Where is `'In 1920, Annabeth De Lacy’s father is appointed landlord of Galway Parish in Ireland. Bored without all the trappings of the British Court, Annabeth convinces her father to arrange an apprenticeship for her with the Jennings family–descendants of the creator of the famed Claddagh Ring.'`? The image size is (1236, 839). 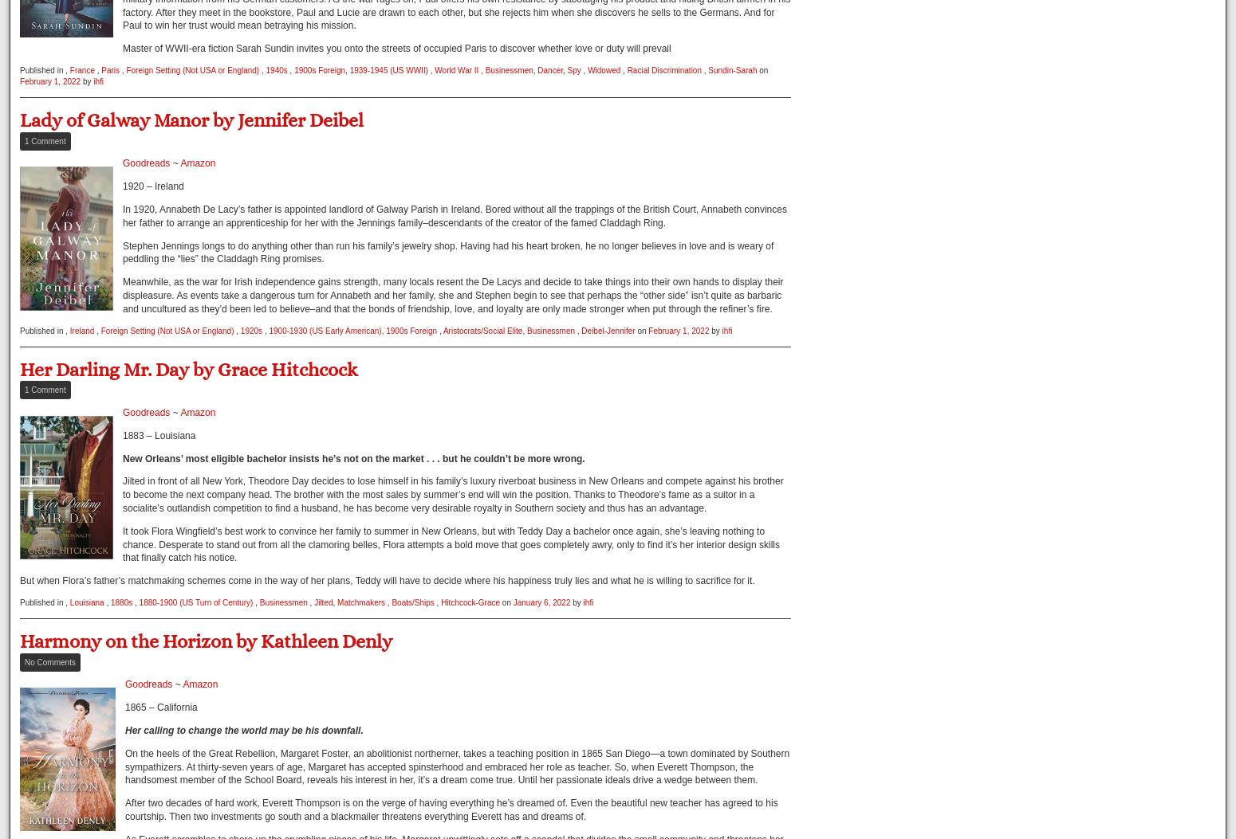
'In 1920, Annabeth De Lacy’s father is appointed landlord of Galway Parish in Ireland. Bored without all the trappings of the British Court, Annabeth convinces her father to arrange an apprenticeship for her with the Jennings family–descendants of the creator of the famed Claddagh Ring.' is located at coordinates (454, 215).